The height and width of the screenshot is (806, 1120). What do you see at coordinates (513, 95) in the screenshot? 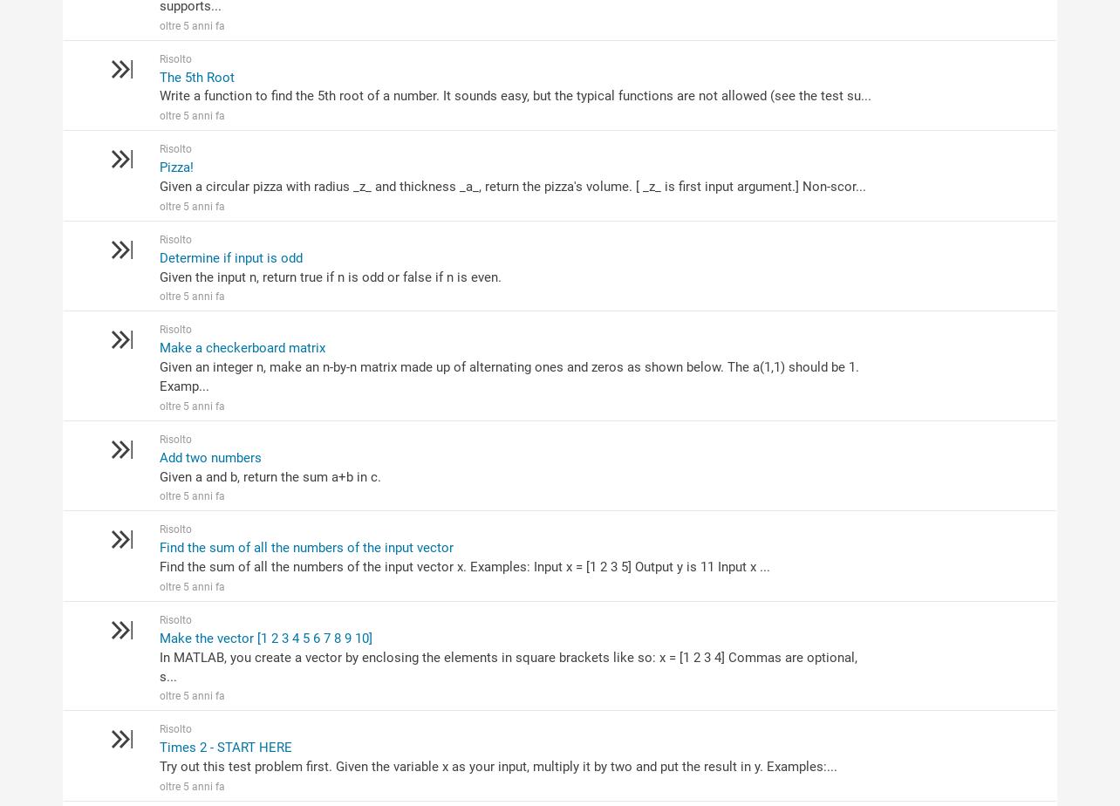
I see `'Write a function to find the 5th root of a number.

It sounds easy, but the typical functions are not allowed (see the test su...'` at bounding box center [513, 95].